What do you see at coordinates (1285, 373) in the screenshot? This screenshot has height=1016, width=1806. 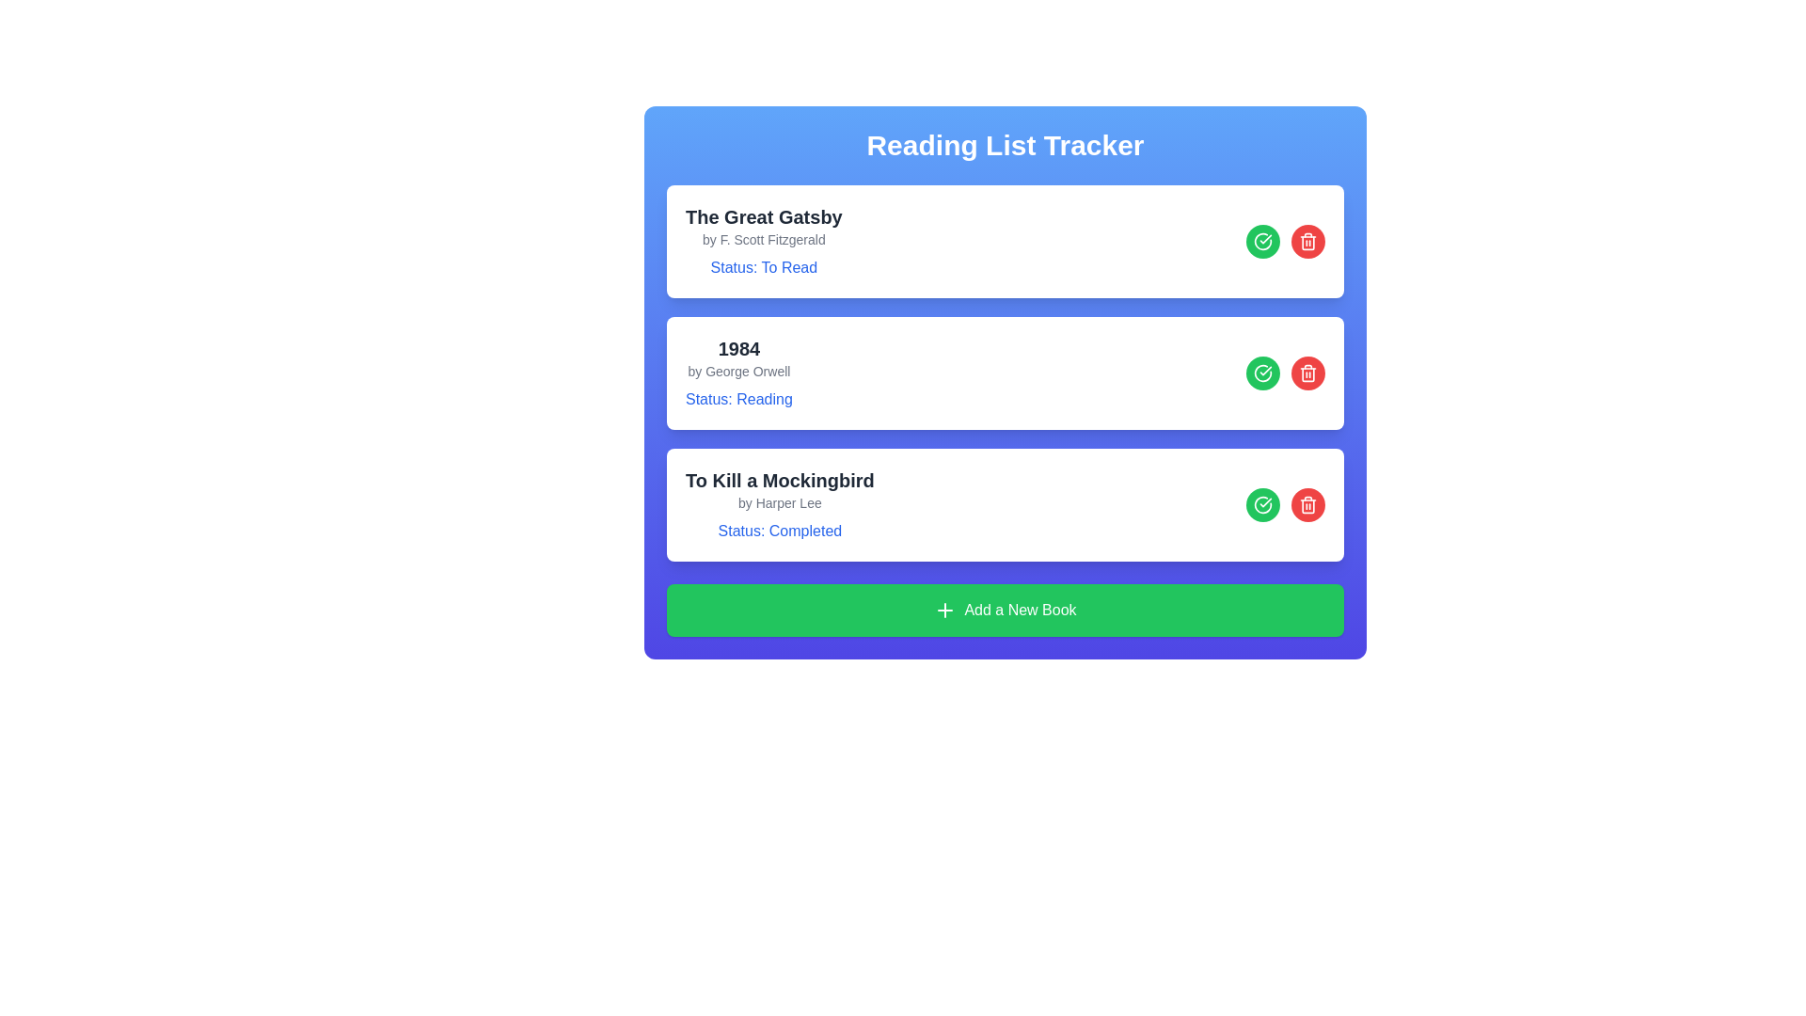 I see `the red trash can icon in the actionable icon group for the book '1984' by George Orwell` at bounding box center [1285, 373].